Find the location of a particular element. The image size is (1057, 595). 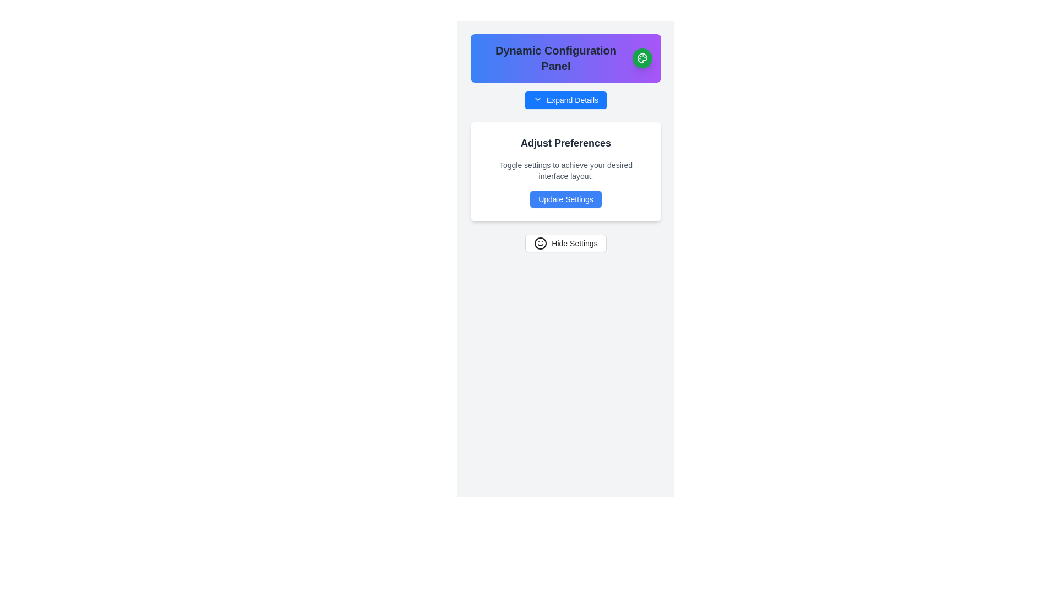

the 'Expand Details' text label, which is part of a button with a vivid blue background located in the Dynamic Configuration Panel is located at coordinates (573, 100).